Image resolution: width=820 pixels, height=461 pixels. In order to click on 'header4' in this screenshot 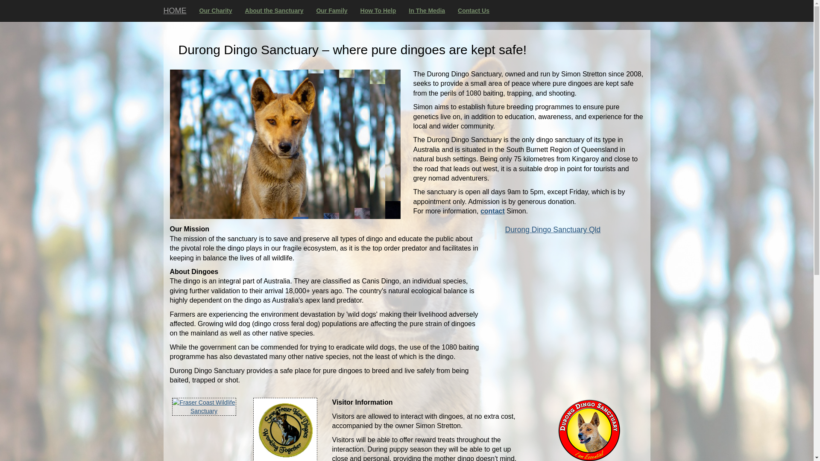, I will do `click(285, 144)`.